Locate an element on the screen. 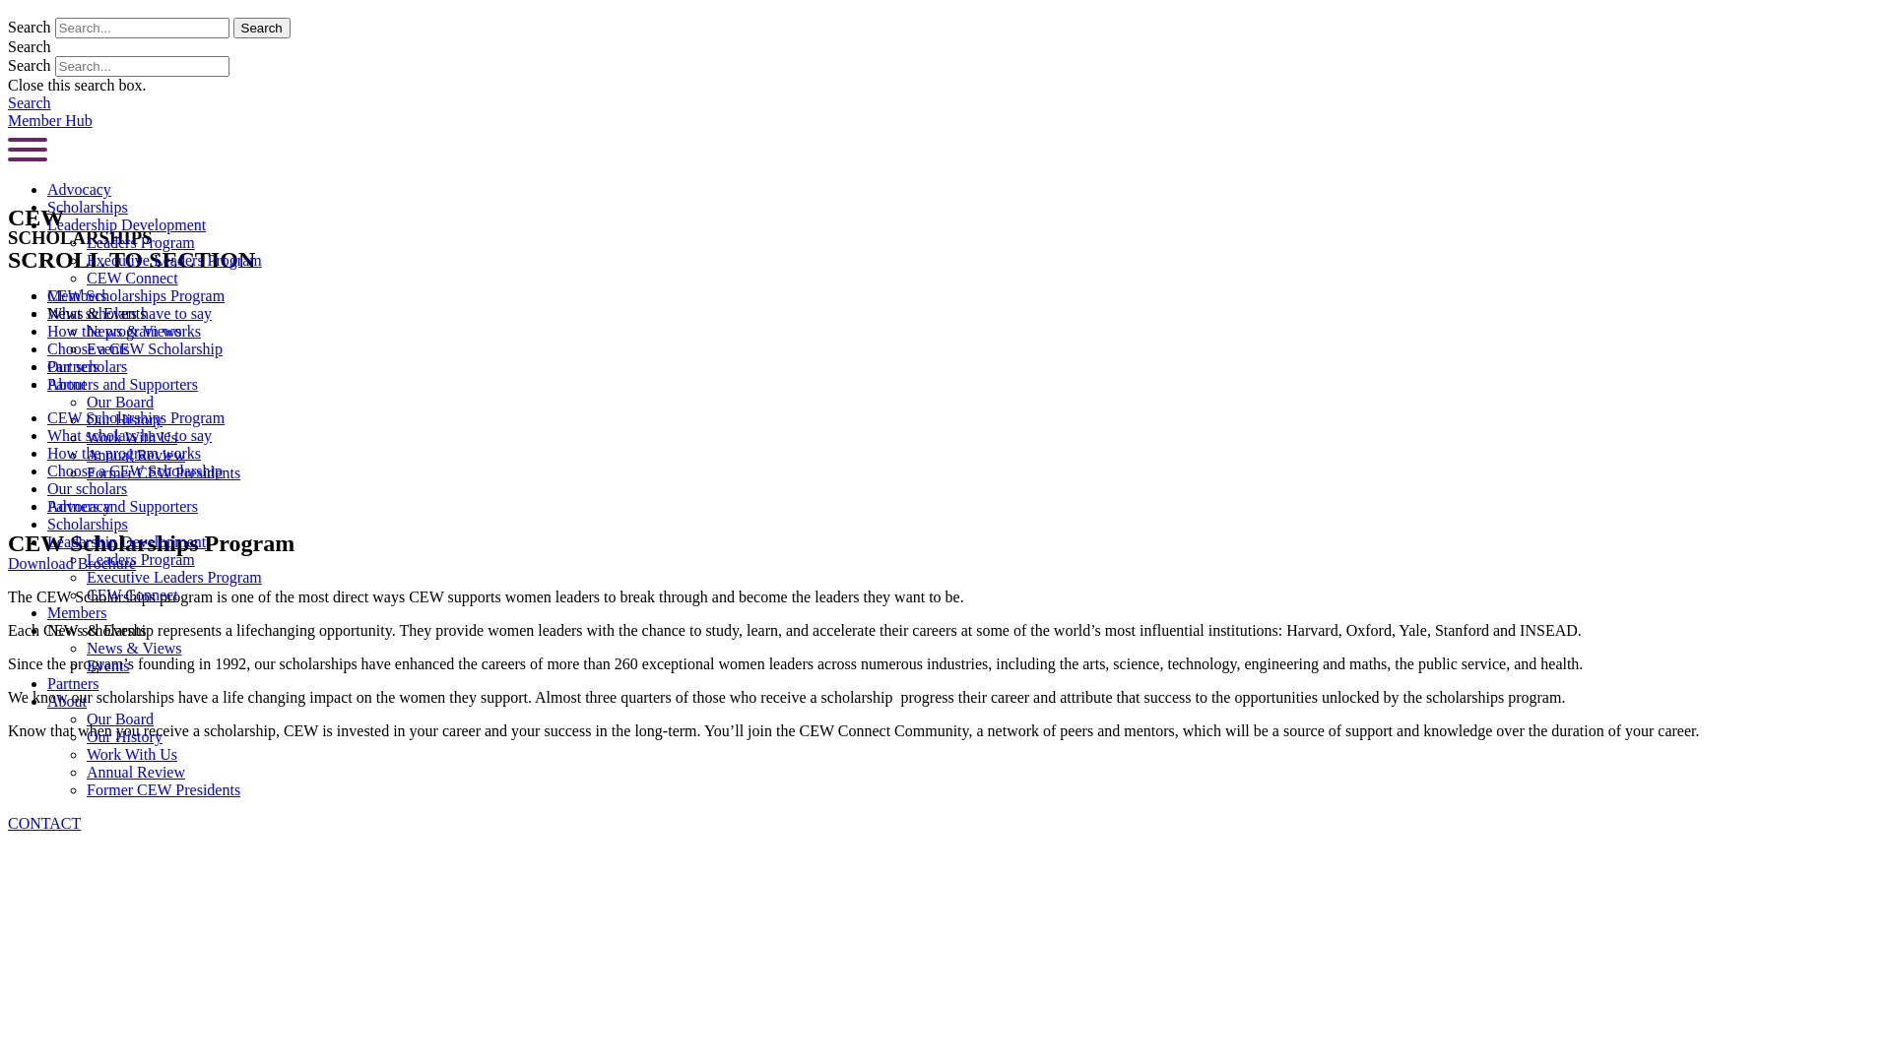 The width and height of the screenshot is (1891, 1063). 'Our Board' is located at coordinates (118, 401).